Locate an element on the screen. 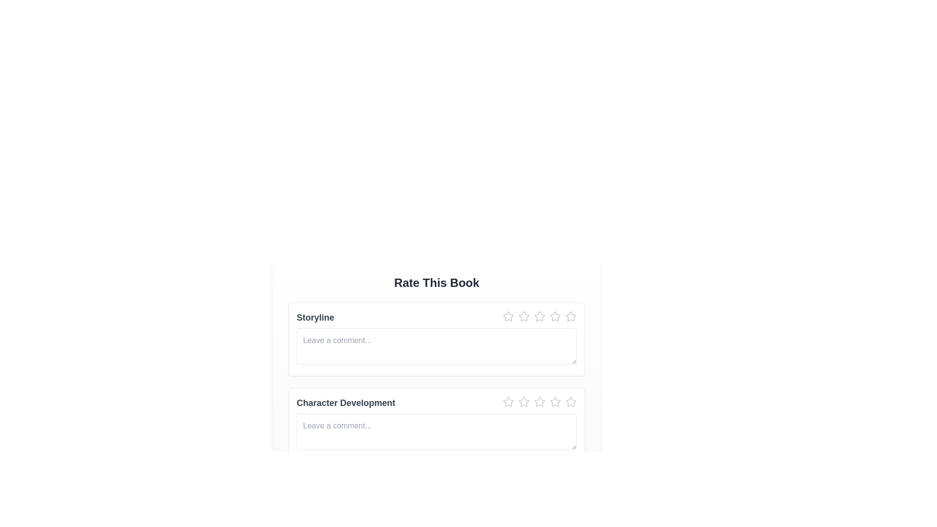 This screenshot has height=527, width=937. the fifth star in the rating component is located at coordinates (555, 316).